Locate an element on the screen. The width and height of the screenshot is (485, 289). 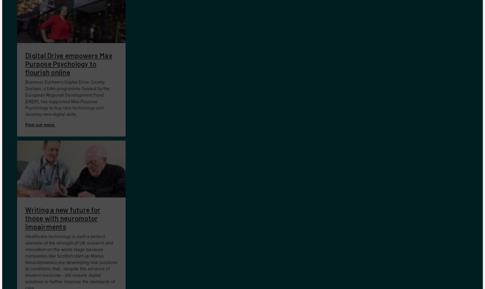
',' is located at coordinates (42, 89).